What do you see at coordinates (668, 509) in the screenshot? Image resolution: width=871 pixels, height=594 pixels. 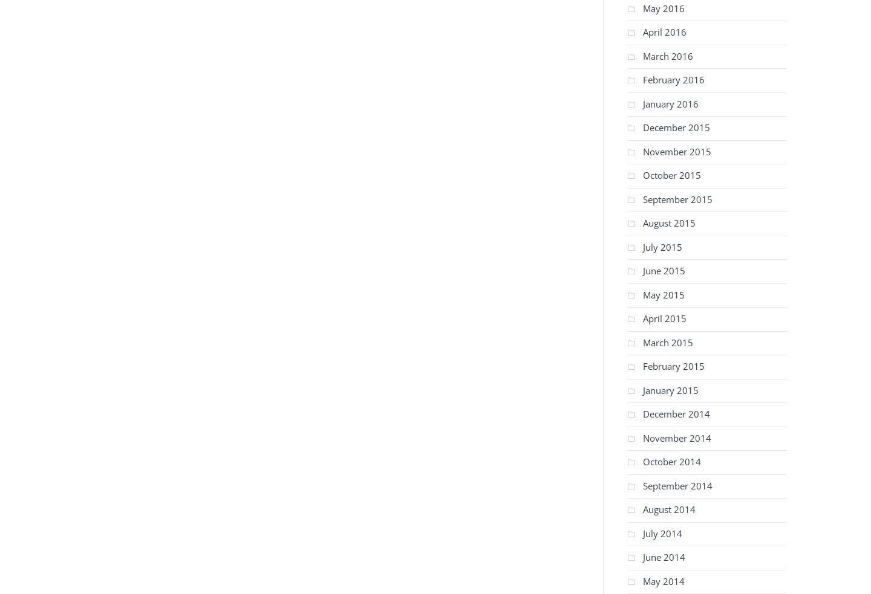 I see `'August 2014'` at bounding box center [668, 509].